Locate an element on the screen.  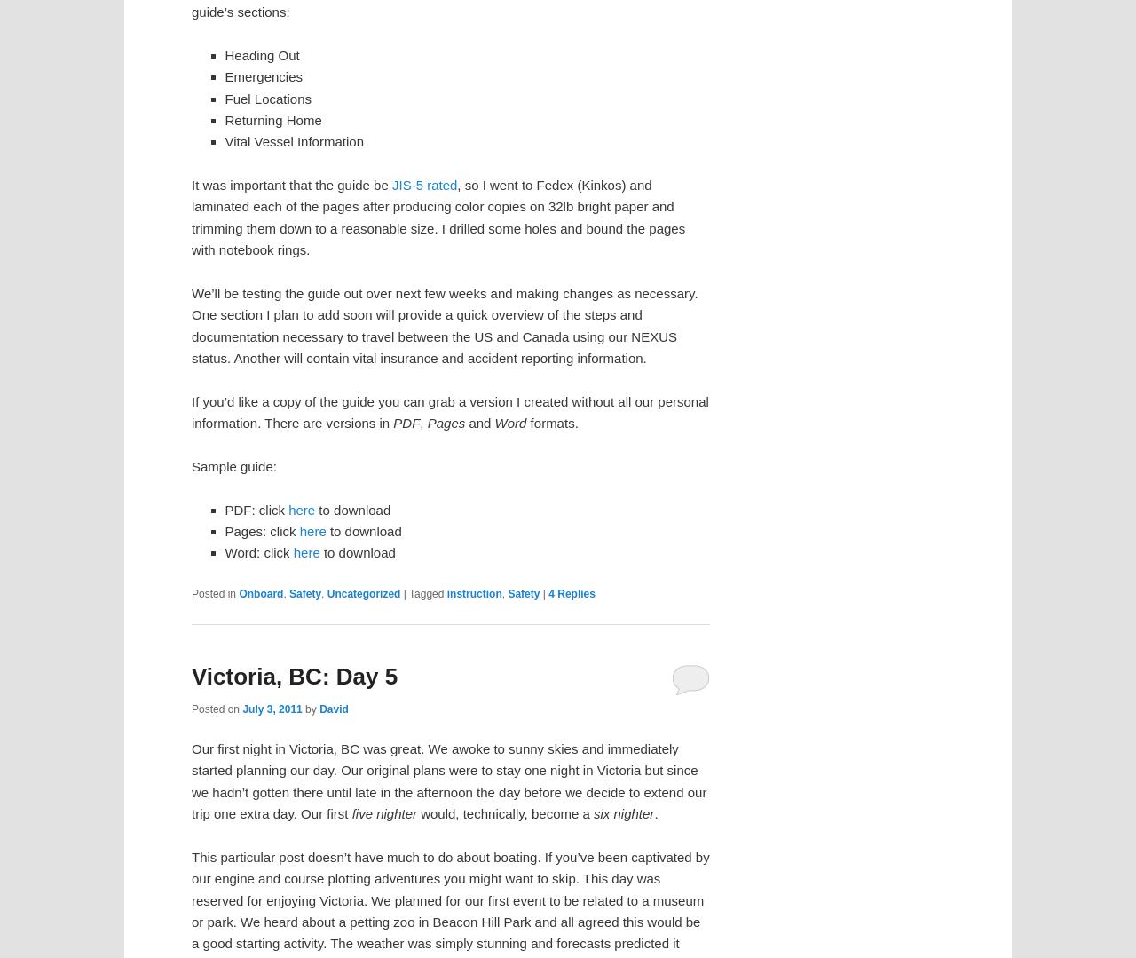
'It was important that the guide be' is located at coordinates (291, 185).